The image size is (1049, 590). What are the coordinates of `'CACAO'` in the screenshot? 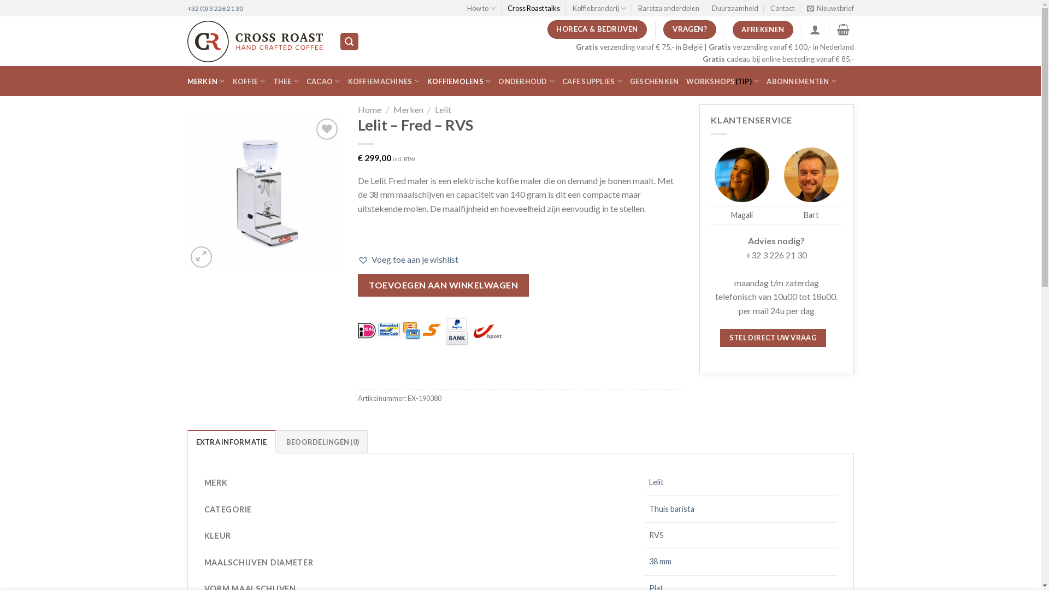 It's located at (322, 81).